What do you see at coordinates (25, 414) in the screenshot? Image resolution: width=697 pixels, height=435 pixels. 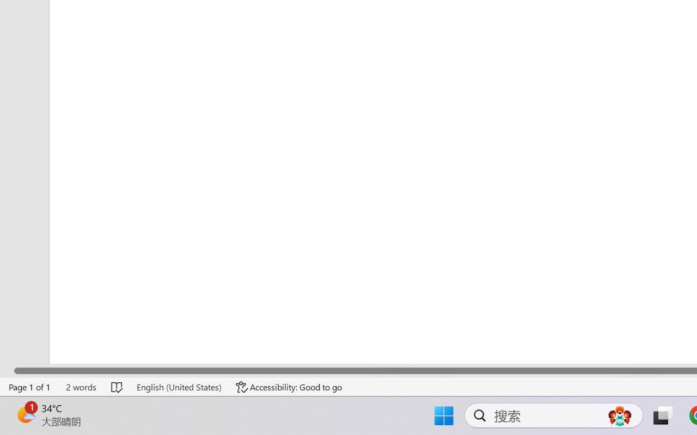 I see `'AutomationID: BadgeAnchorLargeTicker'` at bounding box center [25, 414].